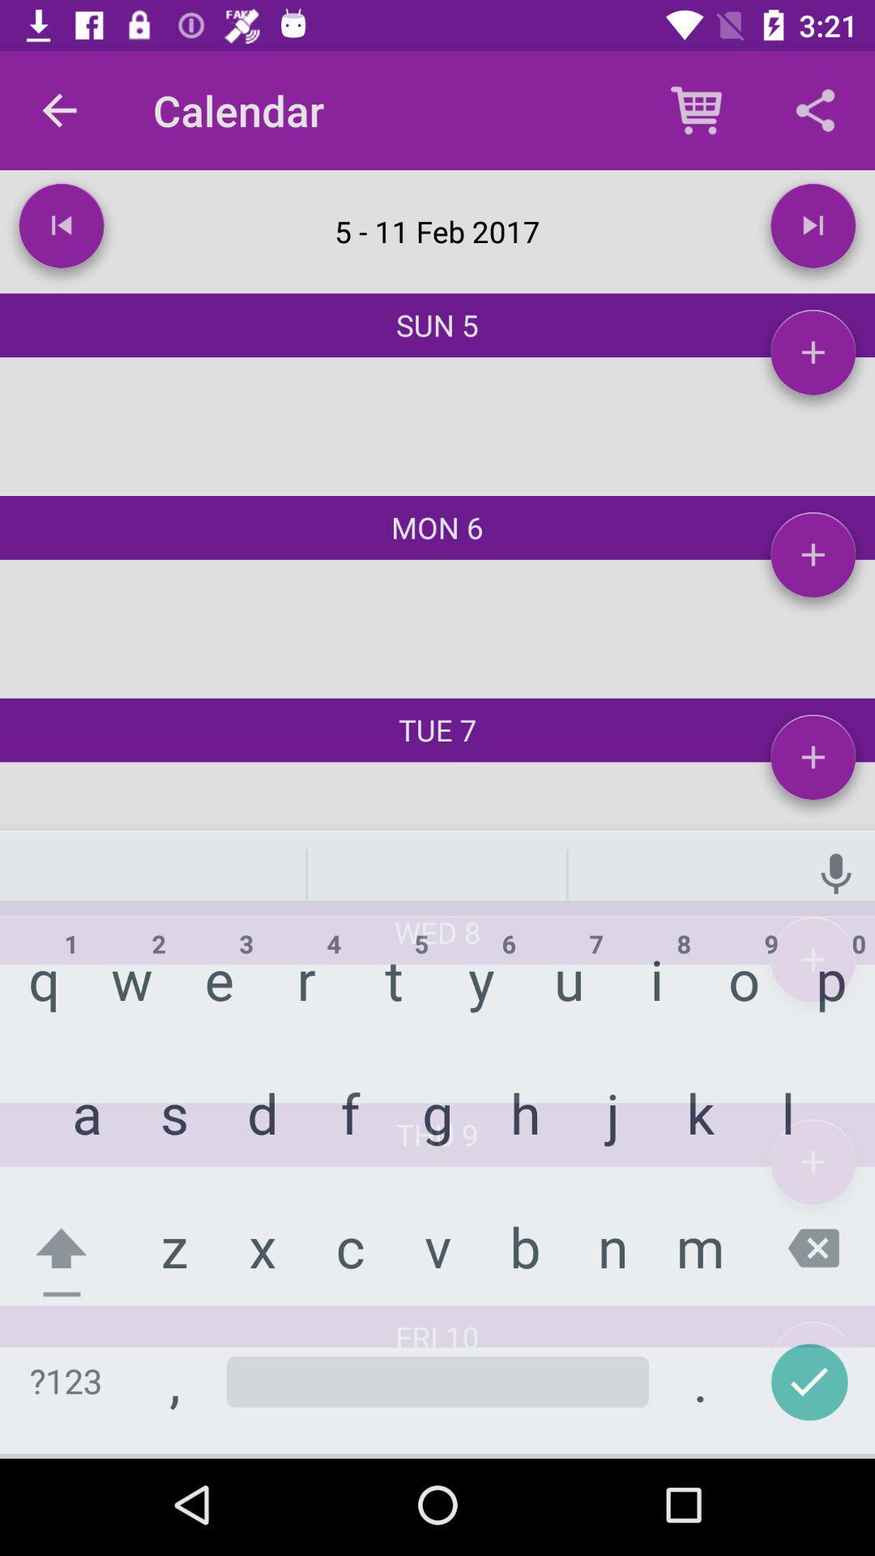 This screenshot has width=875, height=1556. I want to click on the add icon, so click(813, 966).